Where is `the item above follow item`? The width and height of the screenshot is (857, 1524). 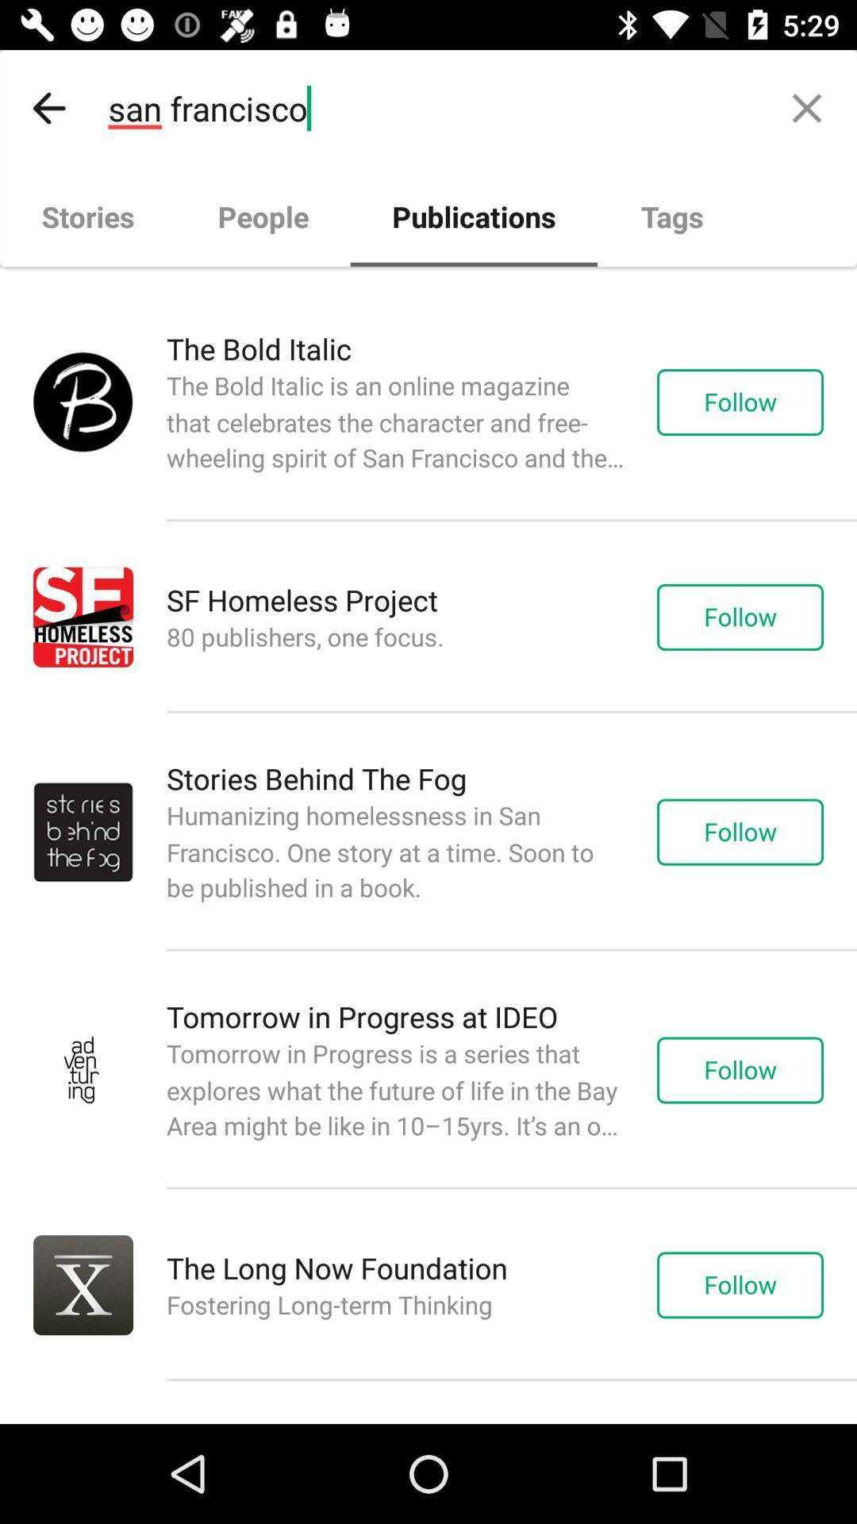 the item above follow item is located at coordinates (807, 107).